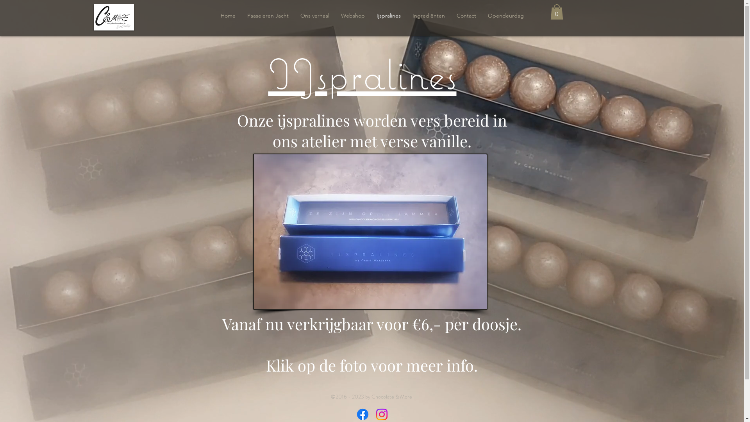 This screenshot has height=422, width=750. Describe the element at coordinates (466, 15) in the screenshot. I see `'Contact'` at that location.